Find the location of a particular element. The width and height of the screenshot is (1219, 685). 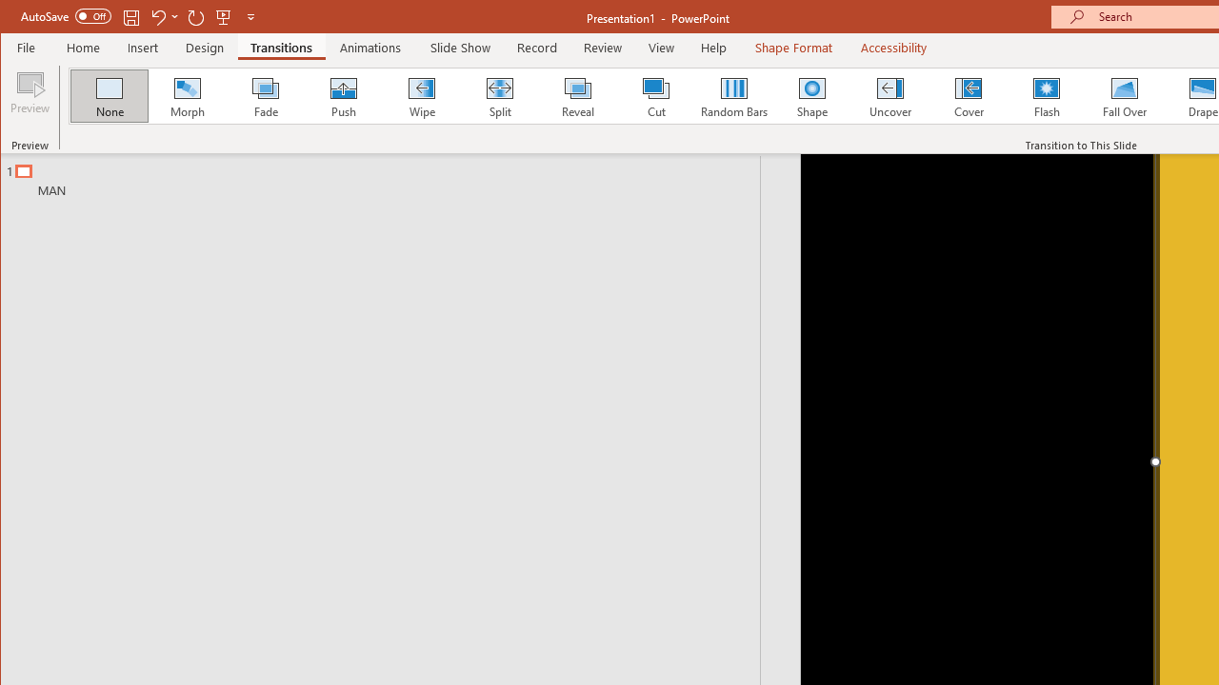

'Cover' is located at coordinates (968, 95).